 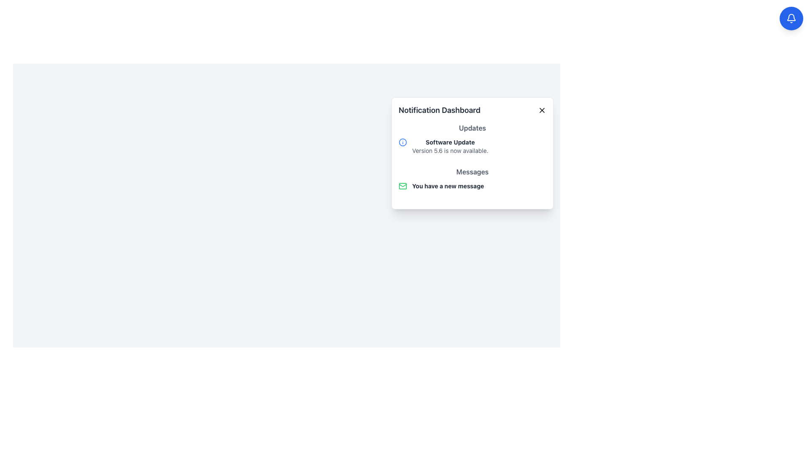 What do you see at coordinates (450, 150) in the screenshot?
I see `the small gray text paragraph that reads 'Version 5.6 is now available.' located within the notification card, directly below the 'Software Update' text` at bounding box center [450, 150].